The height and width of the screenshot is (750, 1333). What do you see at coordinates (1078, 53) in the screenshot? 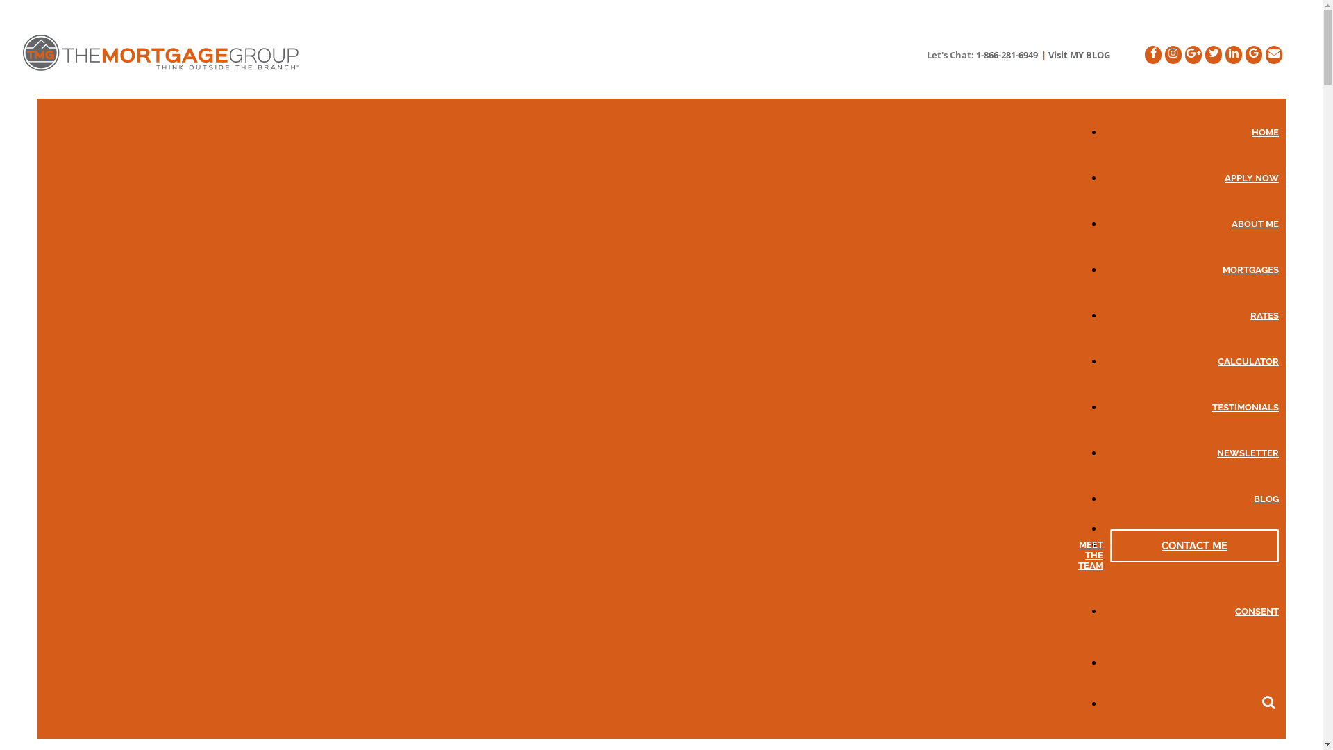
I see `'Visit MY BLOG'` at bounding box center [1078, 53].